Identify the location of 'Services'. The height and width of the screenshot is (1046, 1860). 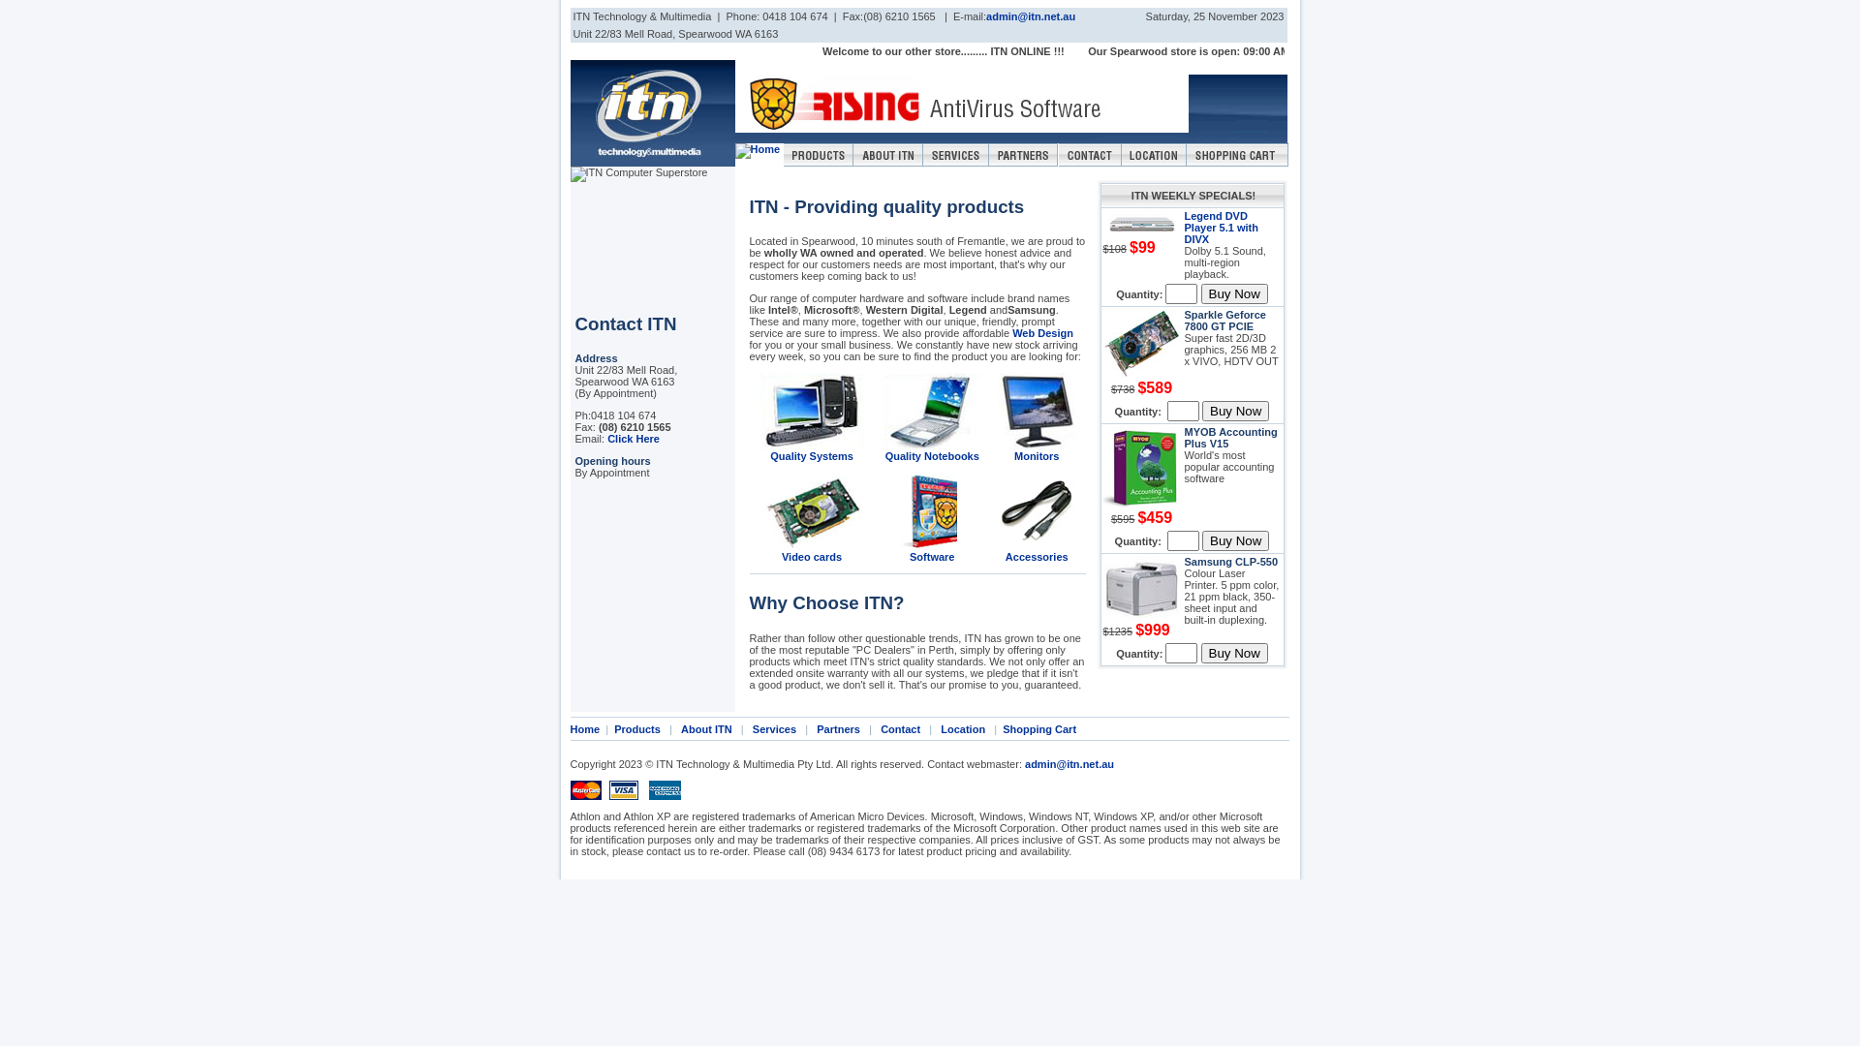
(773, 728).